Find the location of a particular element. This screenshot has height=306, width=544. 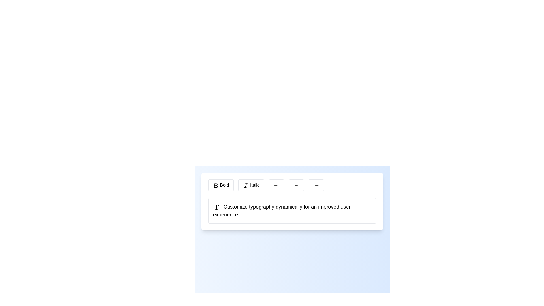

the bold 'B' button in the text styling toolbar to apply bold styling to the text is located at coordinates (216, 185).